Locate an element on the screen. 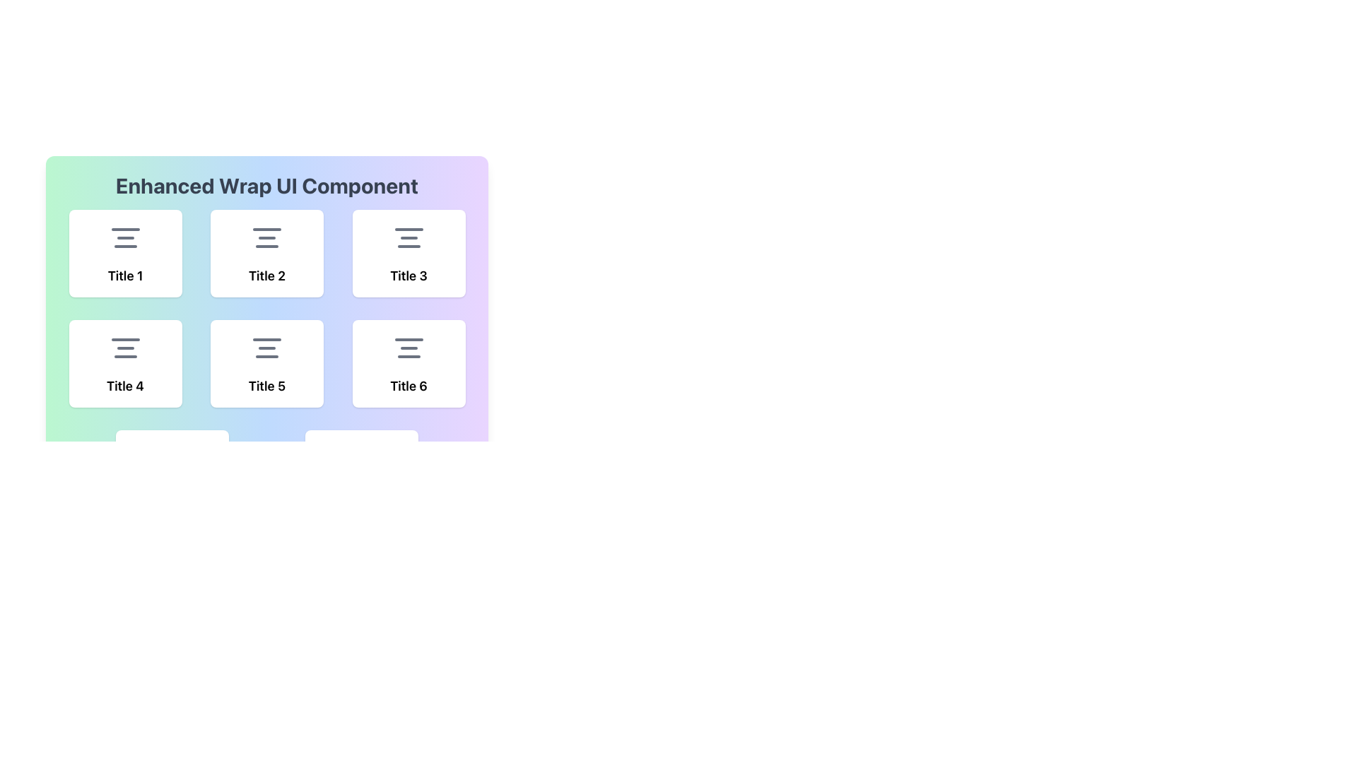 The width and height of the screenshot is (1357, 763). the rectangular card with a white background, featuring an icon of parallel lines and bold text 'Title 2', located as the second item in the first row of a 3x2 grid is located at coordinates (267, 290).